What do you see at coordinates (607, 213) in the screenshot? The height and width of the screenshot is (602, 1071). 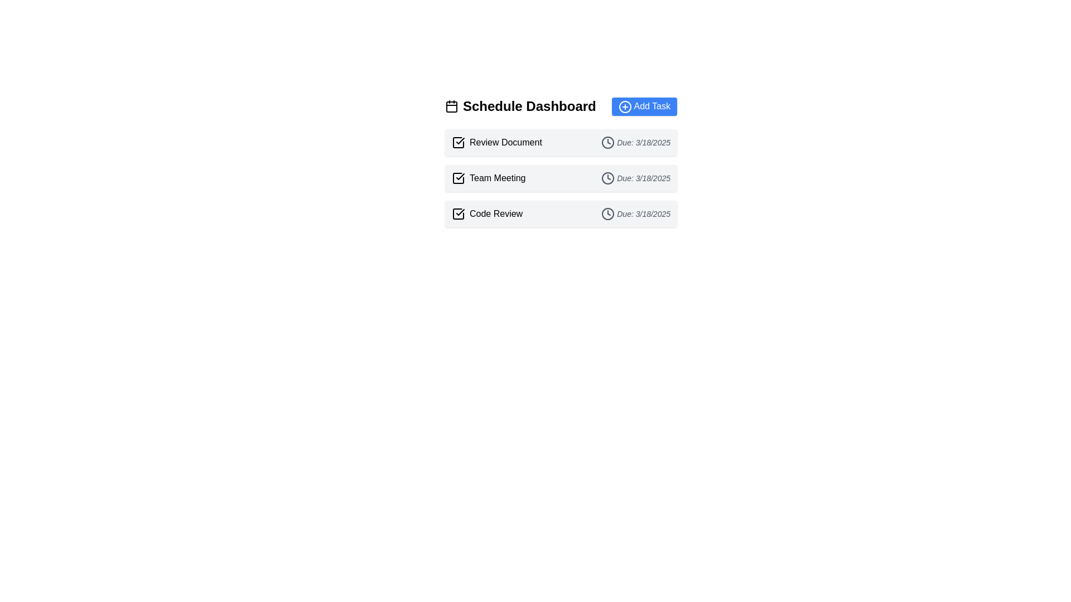 I see `the circular SVG element that is part of the clock icon, located centrally within the icon and to the right of the 'Code Review' task row` at bounding box center [607, 213].